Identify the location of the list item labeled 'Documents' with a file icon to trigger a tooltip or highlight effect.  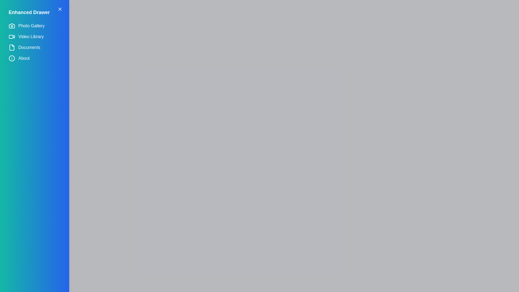
(34, 47).